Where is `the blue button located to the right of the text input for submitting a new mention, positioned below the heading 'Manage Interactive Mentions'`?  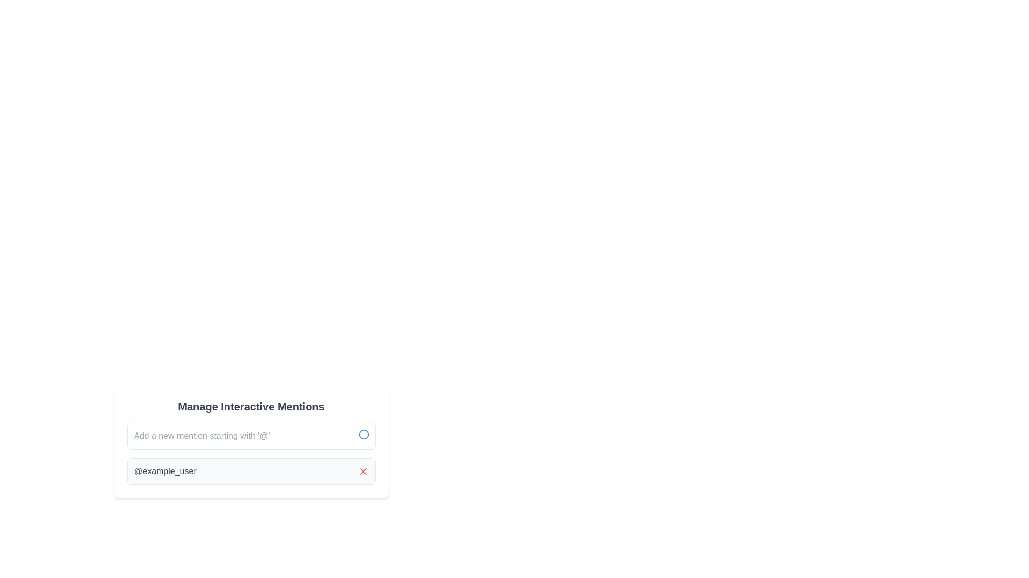 the blue button located to the right of the text input for submitting a new mention, positioned below the heading 'Manage Interactive Mentions' is located at coordinates (251, 436).